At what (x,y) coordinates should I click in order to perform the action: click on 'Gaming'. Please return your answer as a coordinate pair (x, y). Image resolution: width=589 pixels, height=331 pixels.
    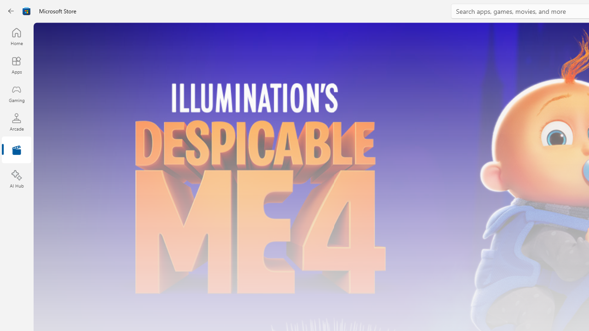
    Looking at the image, I should click on (16, 93).